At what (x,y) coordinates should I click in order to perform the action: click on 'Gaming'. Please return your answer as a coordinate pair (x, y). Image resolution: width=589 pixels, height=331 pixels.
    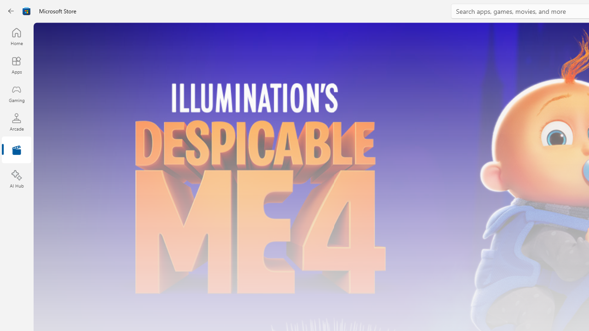
    Looking at the image, I should click on (16, 93).